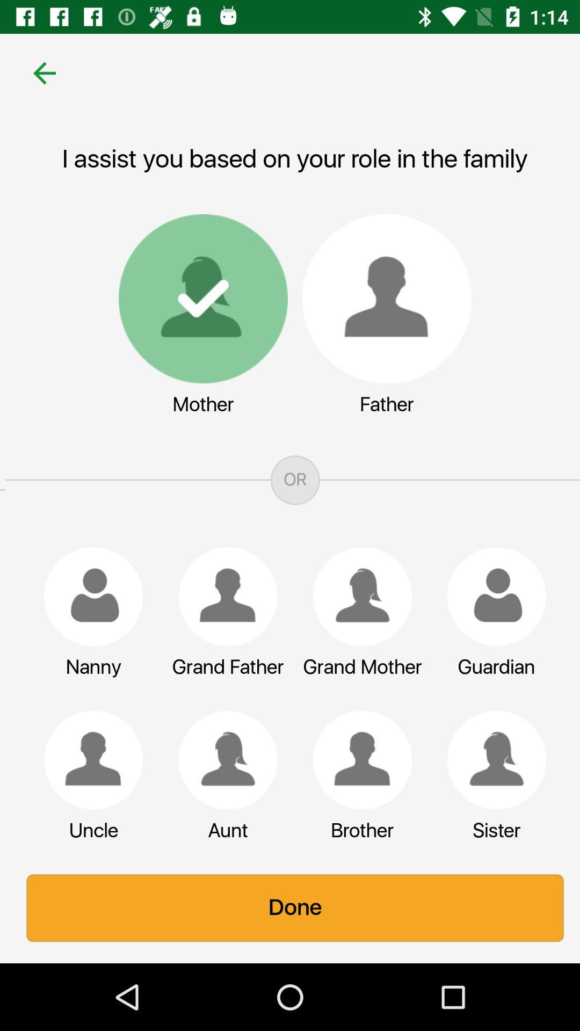 This screenshot has width=580, height=1031. What do you see at coordinates (381, 299) in the screenshot?
I see `father` at bounding box center [381, 299].